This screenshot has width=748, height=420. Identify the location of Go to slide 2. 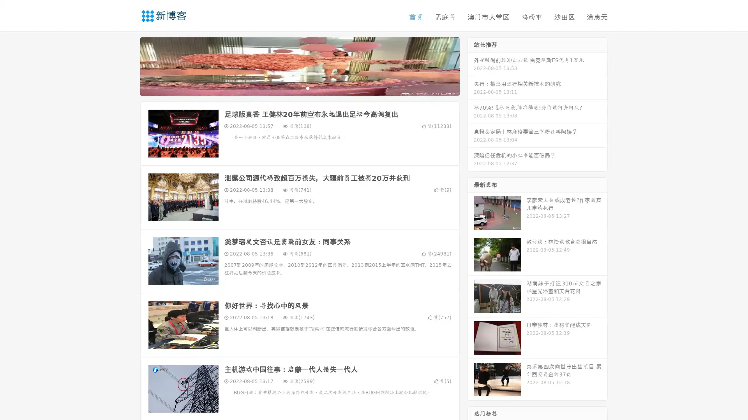
(299, 87).